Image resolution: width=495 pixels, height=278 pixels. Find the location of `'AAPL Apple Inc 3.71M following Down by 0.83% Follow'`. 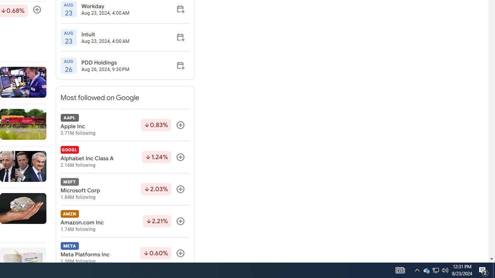

'AAPL Apple Inc 3.71M following Down by 0.83% Follow' is located at coordinates (125, 125).